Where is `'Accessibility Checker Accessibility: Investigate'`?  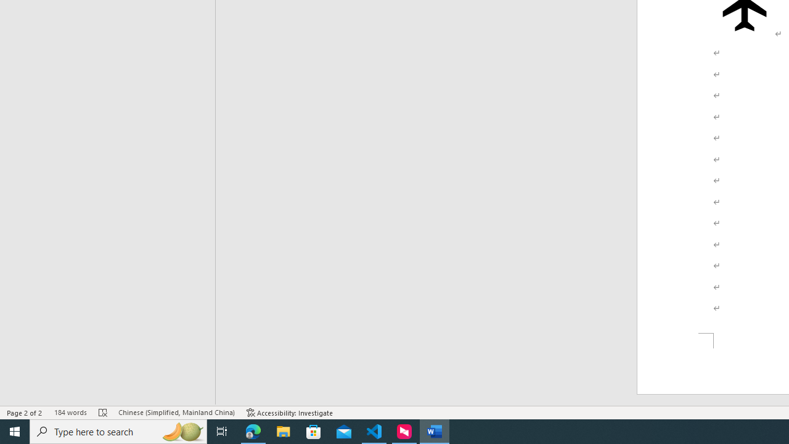 'Accessibility Checker Accessibility: Investigate' is located at coordinates (289, 413).